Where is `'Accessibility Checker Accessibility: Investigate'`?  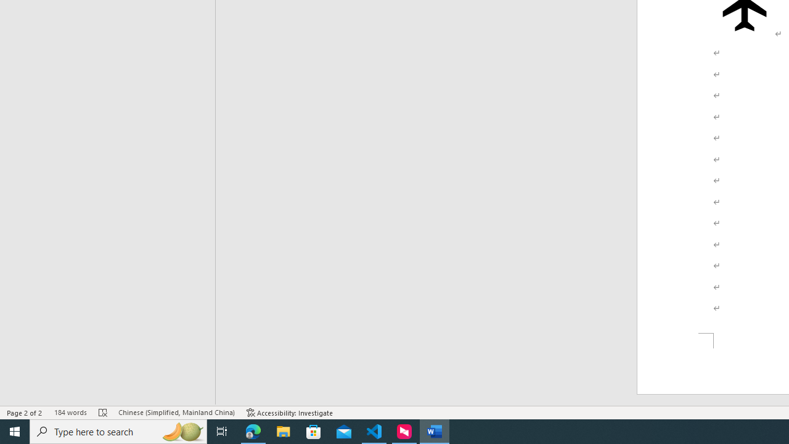 'Accessibility Checker Accessibility: Investigate' is located at coordinates (289, 413).